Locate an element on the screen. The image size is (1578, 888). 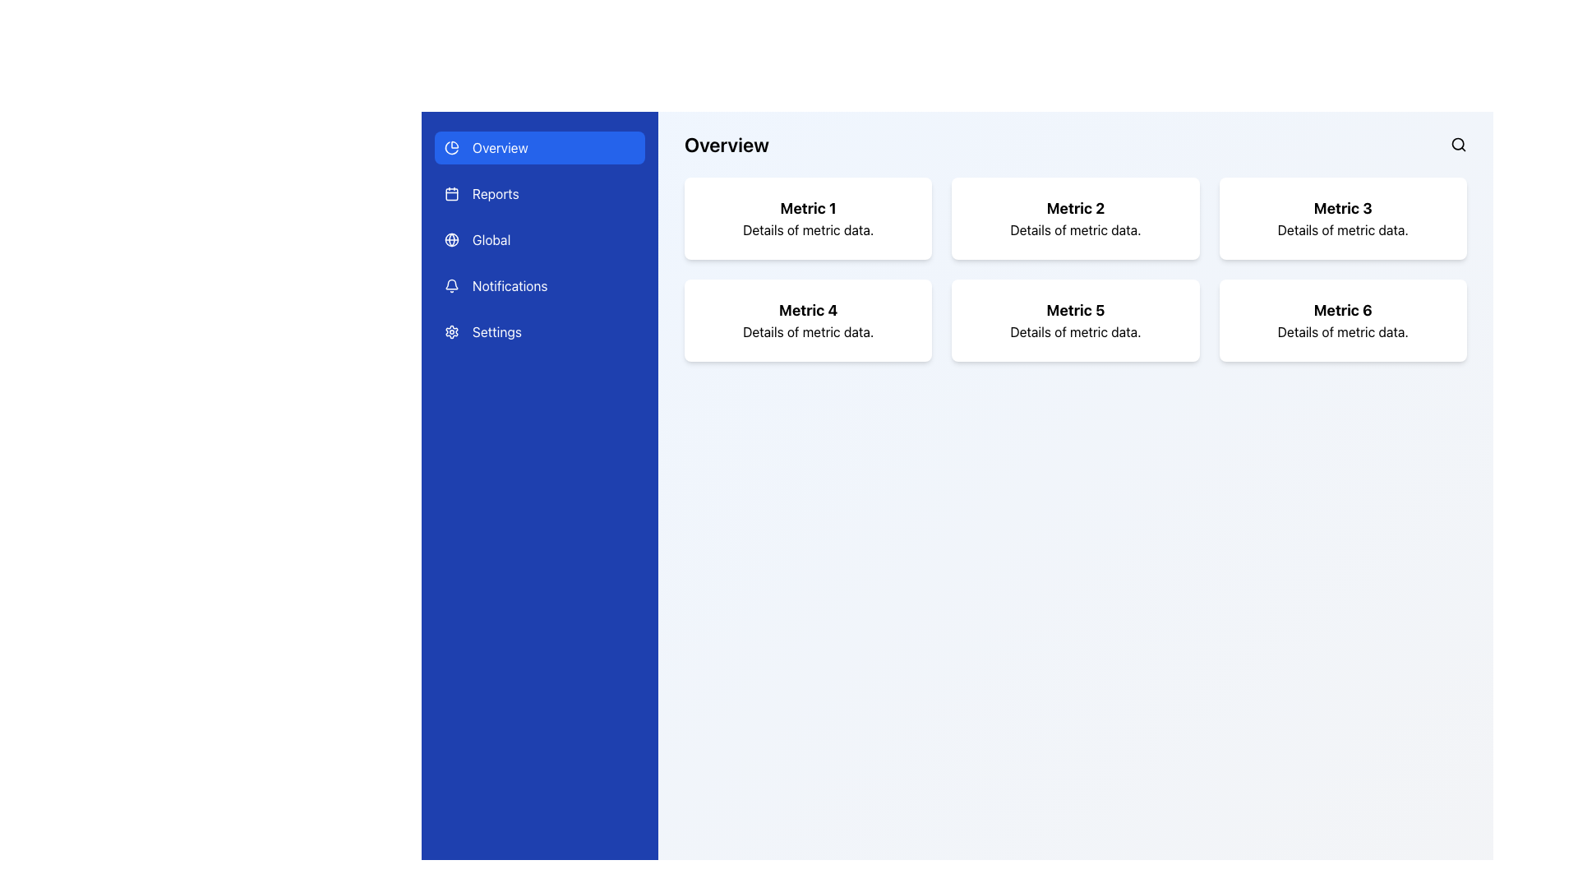
the first button in the vertical menu on the left side of the interface is located at coordinates (540, 148).